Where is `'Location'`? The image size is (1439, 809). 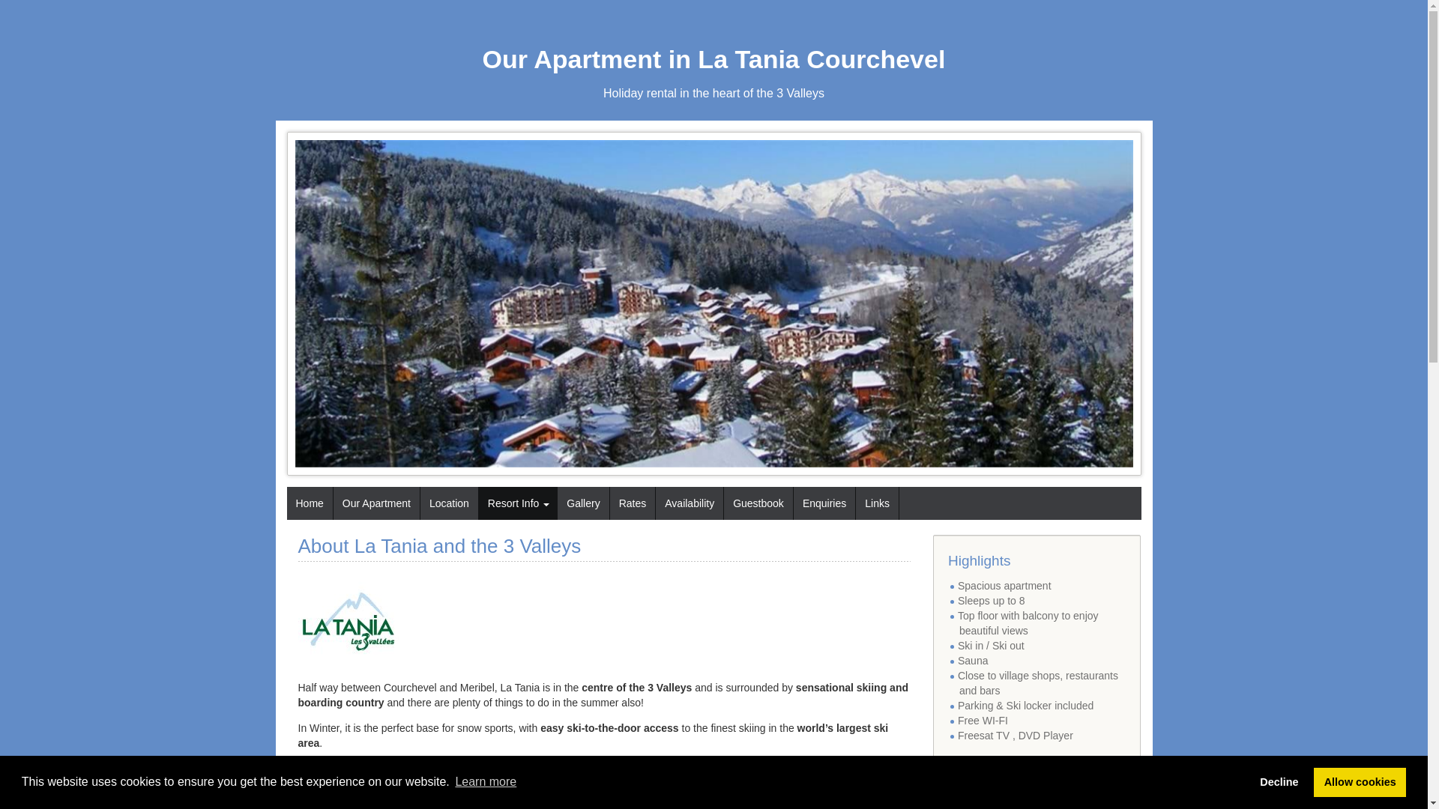 'Location' is located at coordinates (448, 503).